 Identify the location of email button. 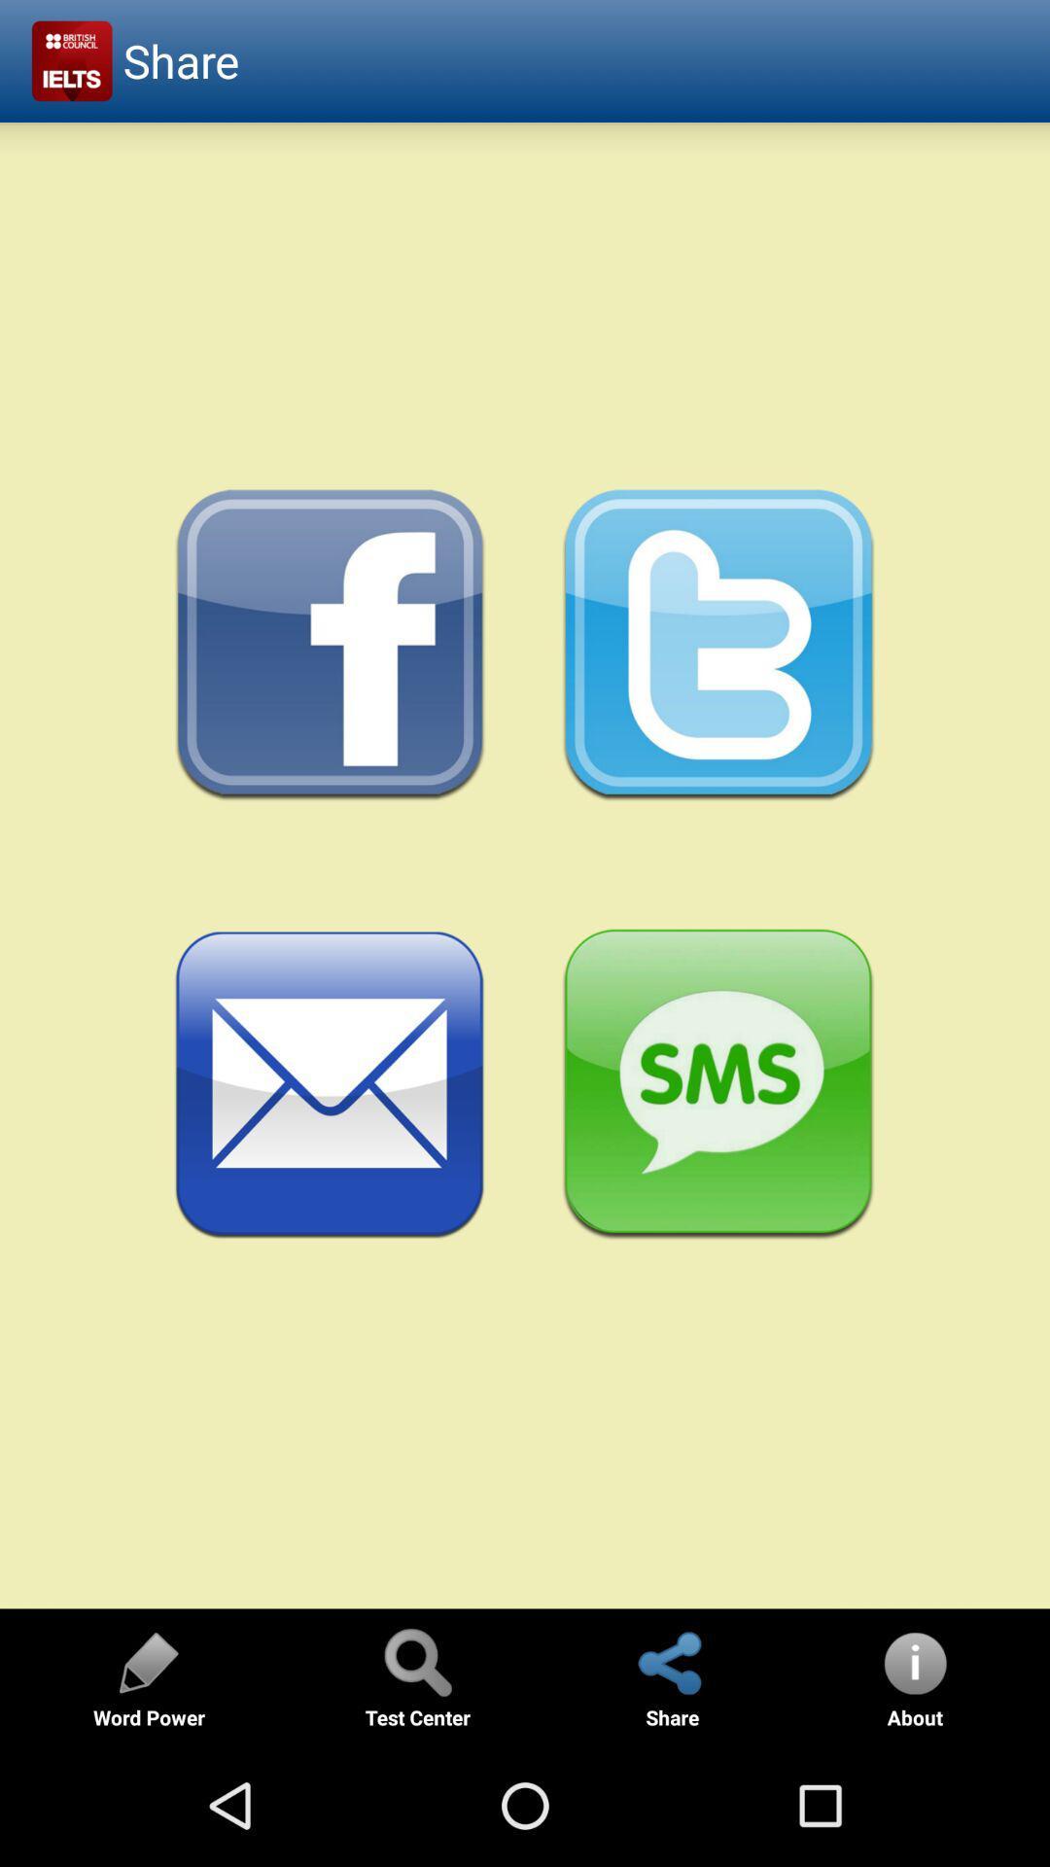
(330, 1084).